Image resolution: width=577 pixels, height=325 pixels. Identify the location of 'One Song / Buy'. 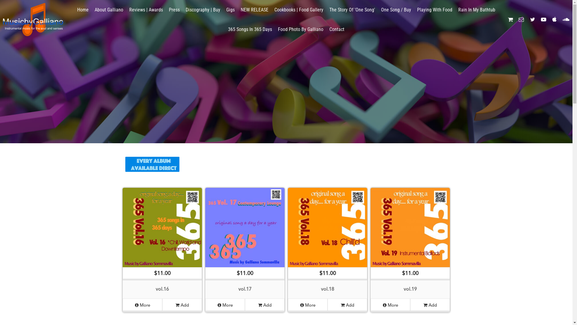
(396, 9).